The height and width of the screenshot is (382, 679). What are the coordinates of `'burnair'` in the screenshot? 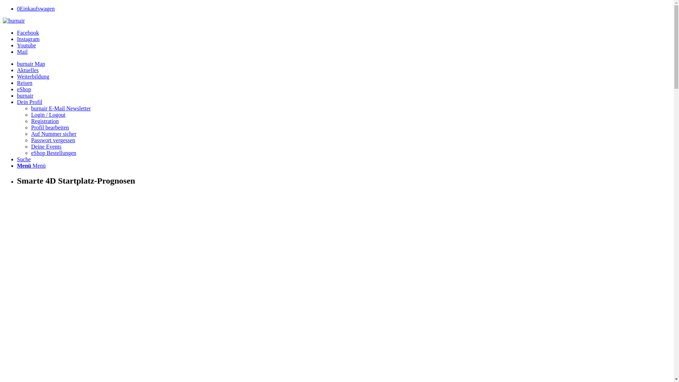 It's located at (17, 95).